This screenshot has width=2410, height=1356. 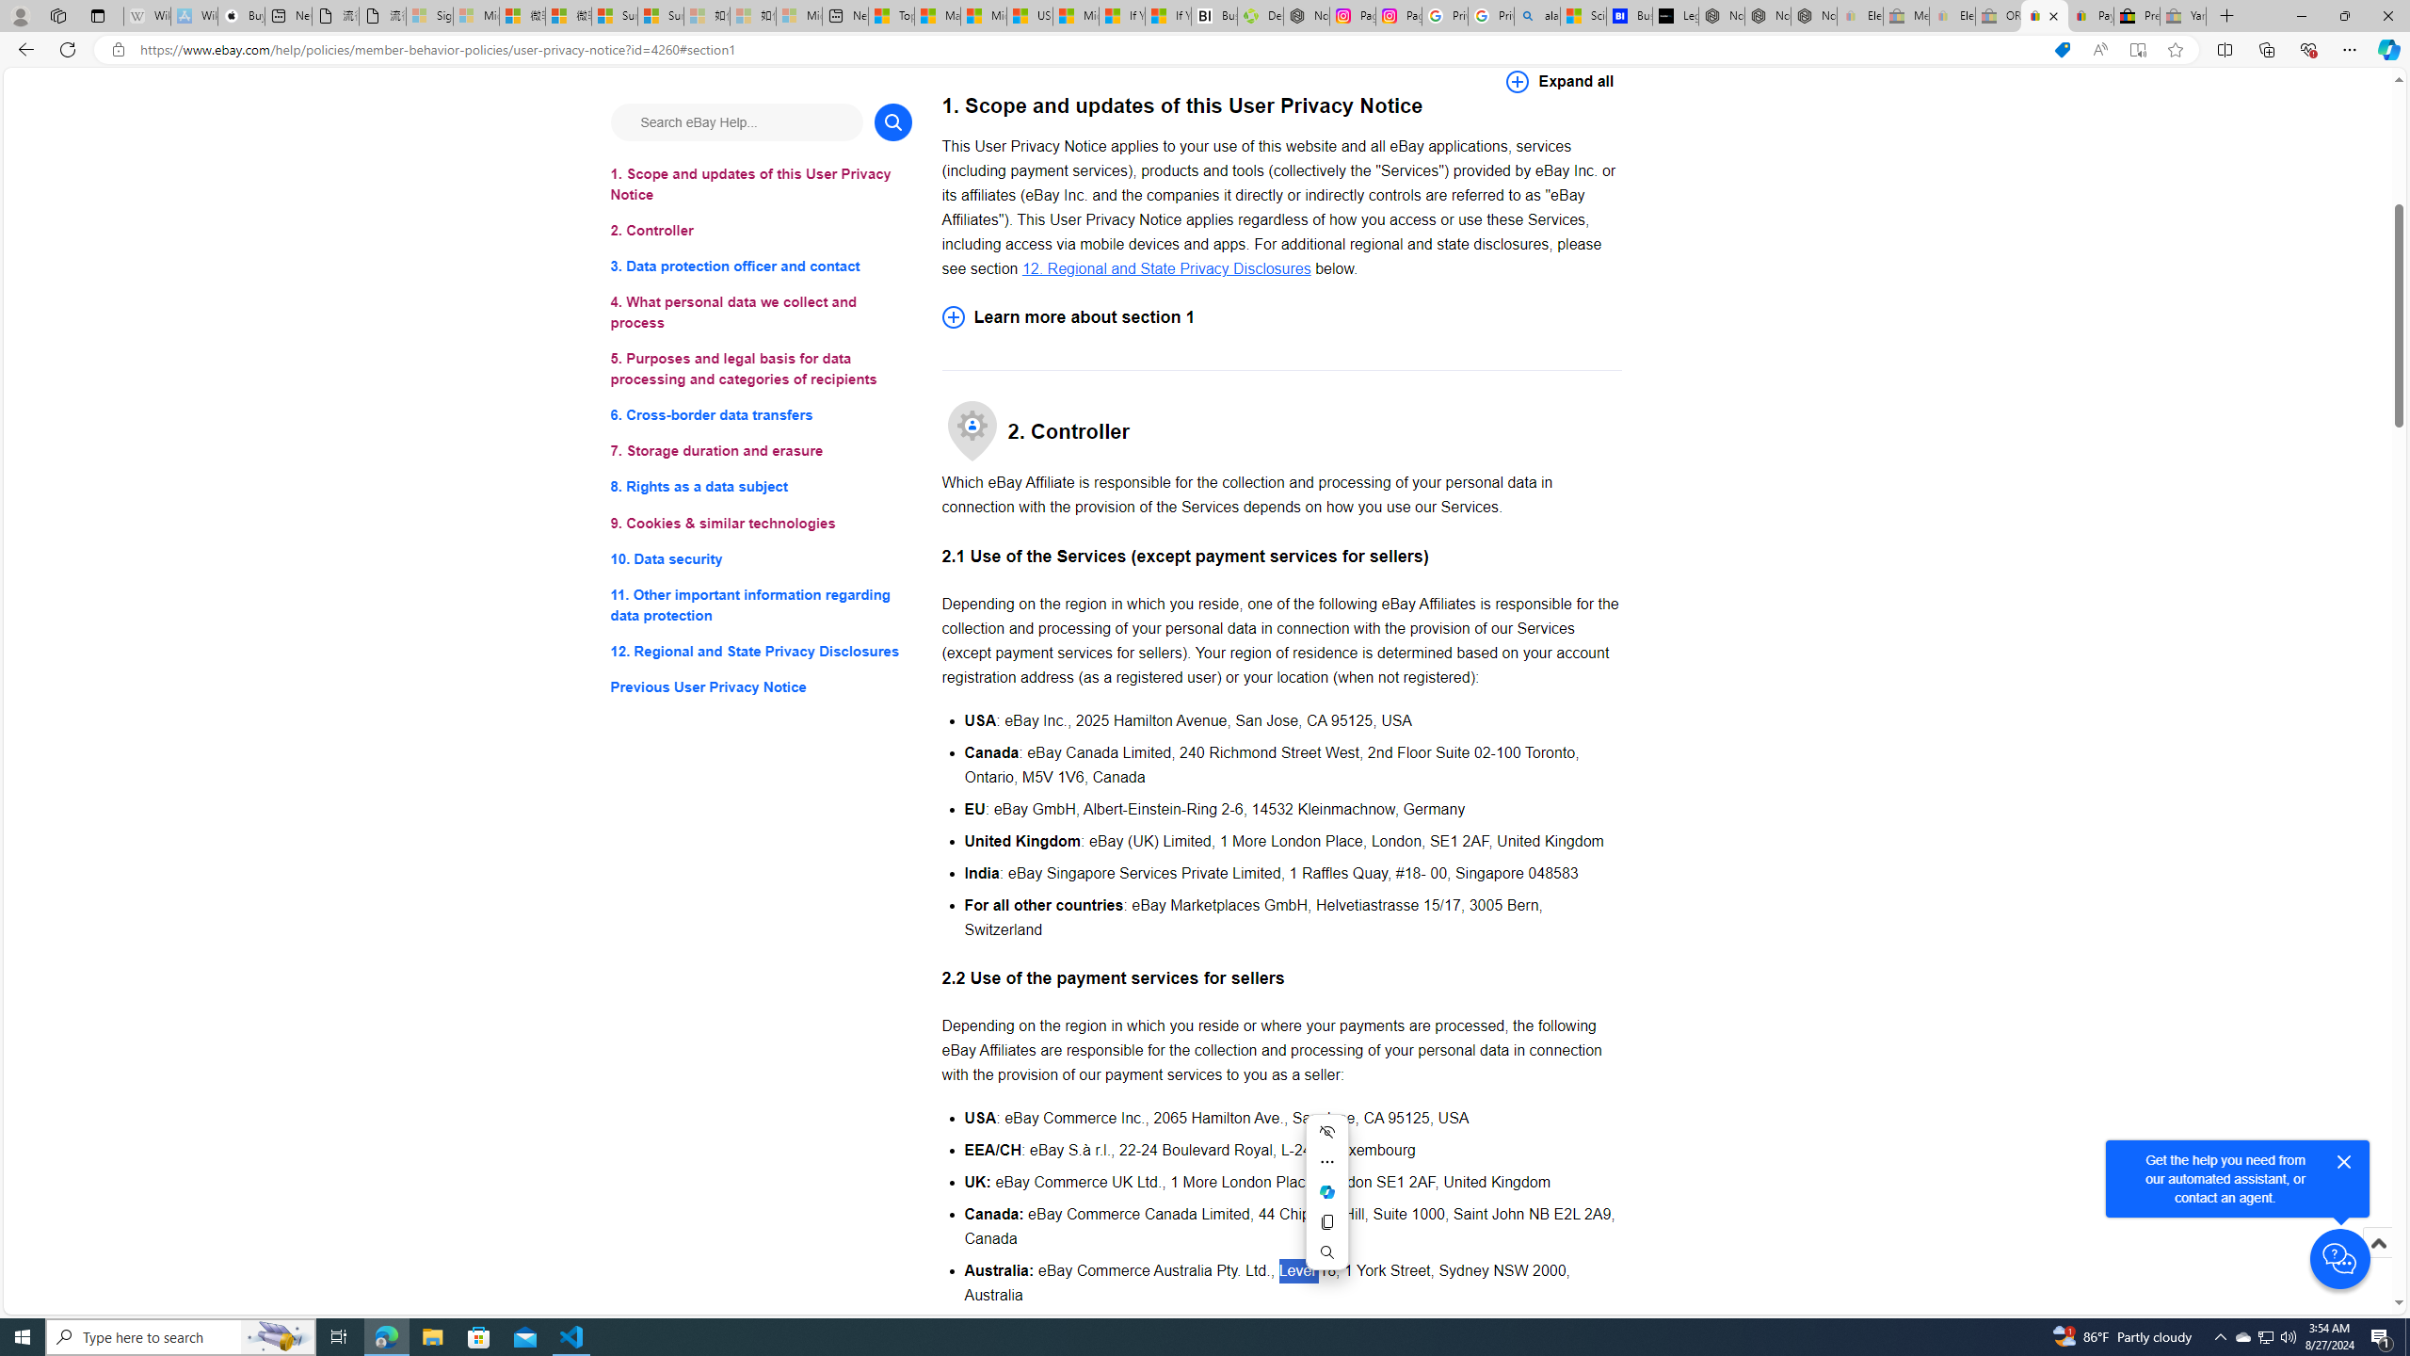 I want to click on 'Payments Terms of Use | eBay.com', so click(x=2089, y=15).